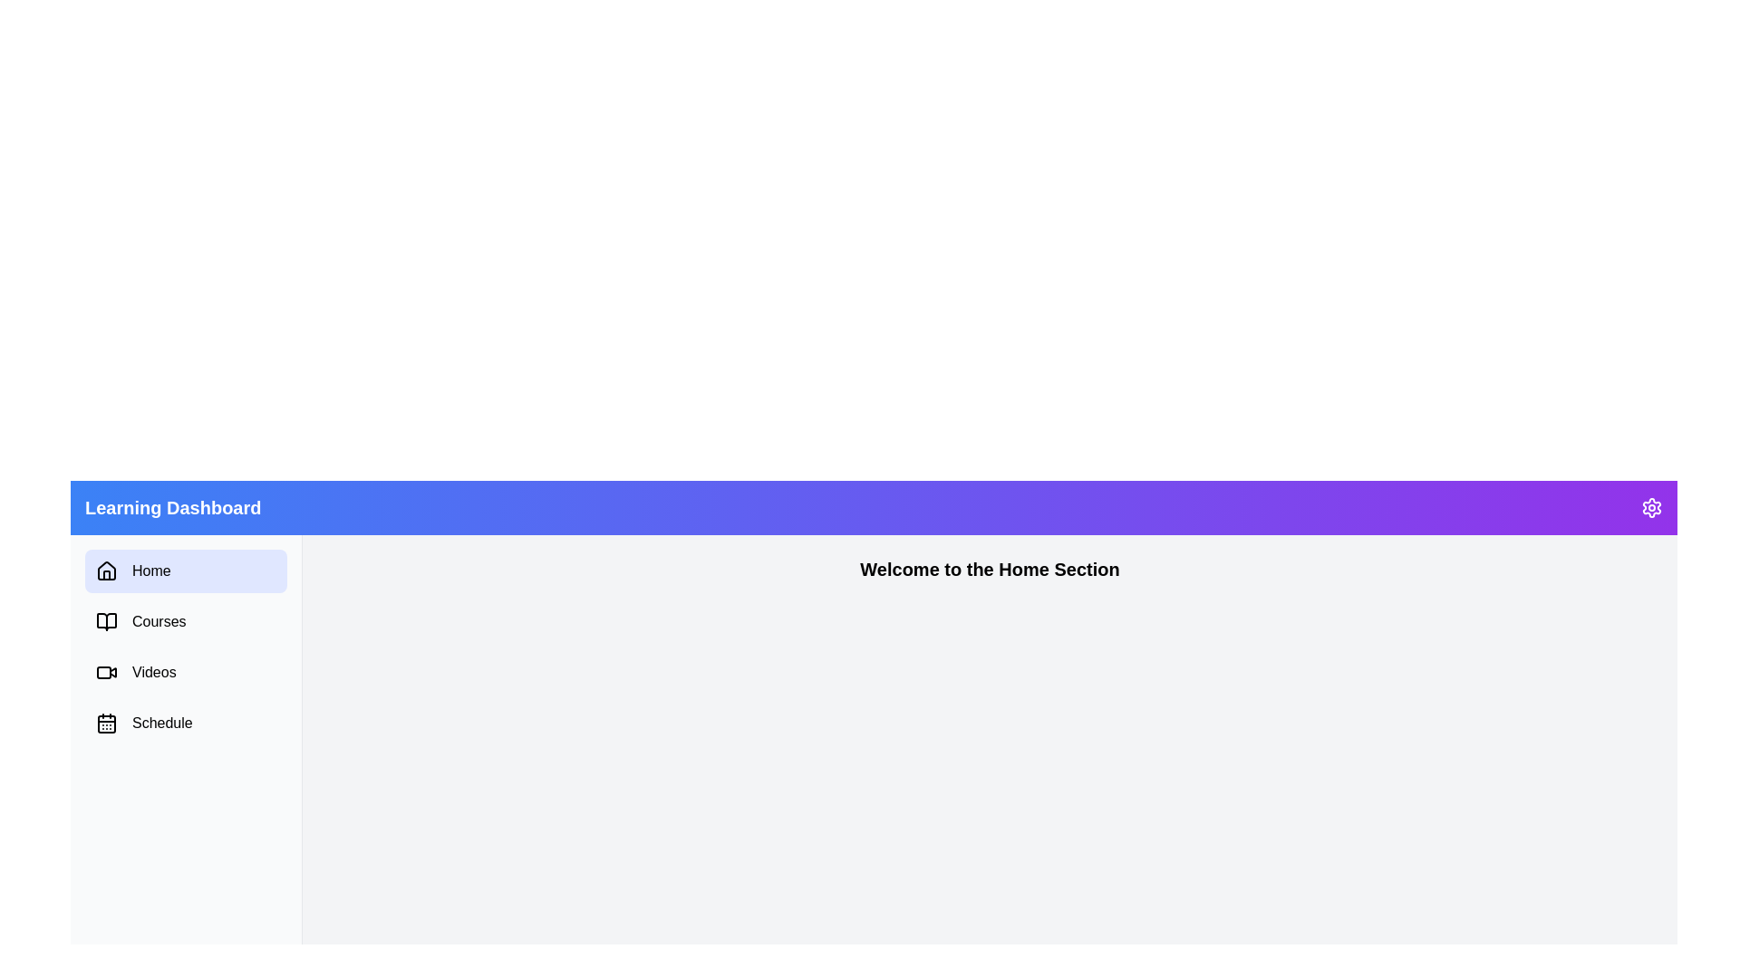 This screenshot has height=978, width=1740. I want to click on the 'Videos' icon element in the sidebar navigation menu, which is the third item located between 'Courses' and 'Schedule', so click(103, 673).